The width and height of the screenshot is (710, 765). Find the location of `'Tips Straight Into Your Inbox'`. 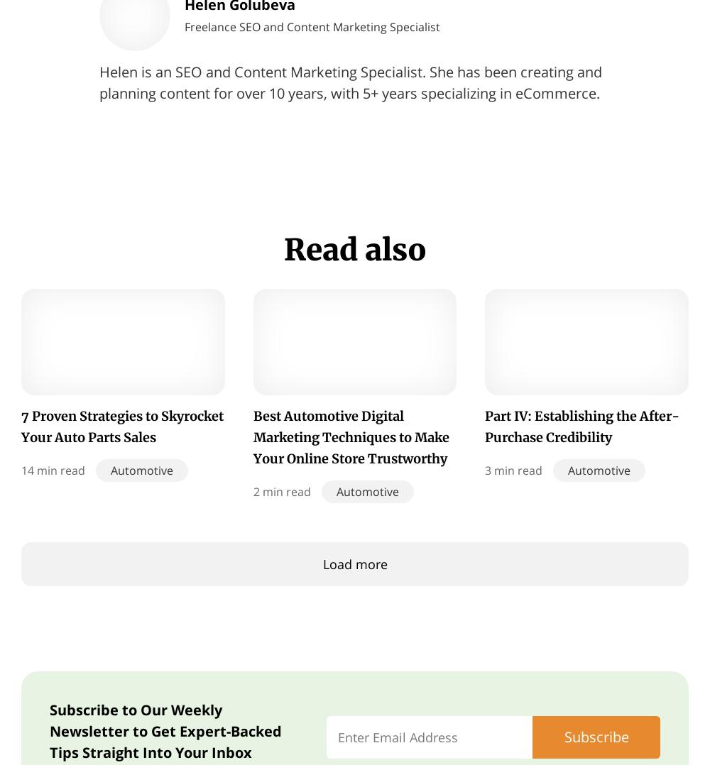

'Tips Straight Into Your Inbox' is located at coordinates (150, 752).